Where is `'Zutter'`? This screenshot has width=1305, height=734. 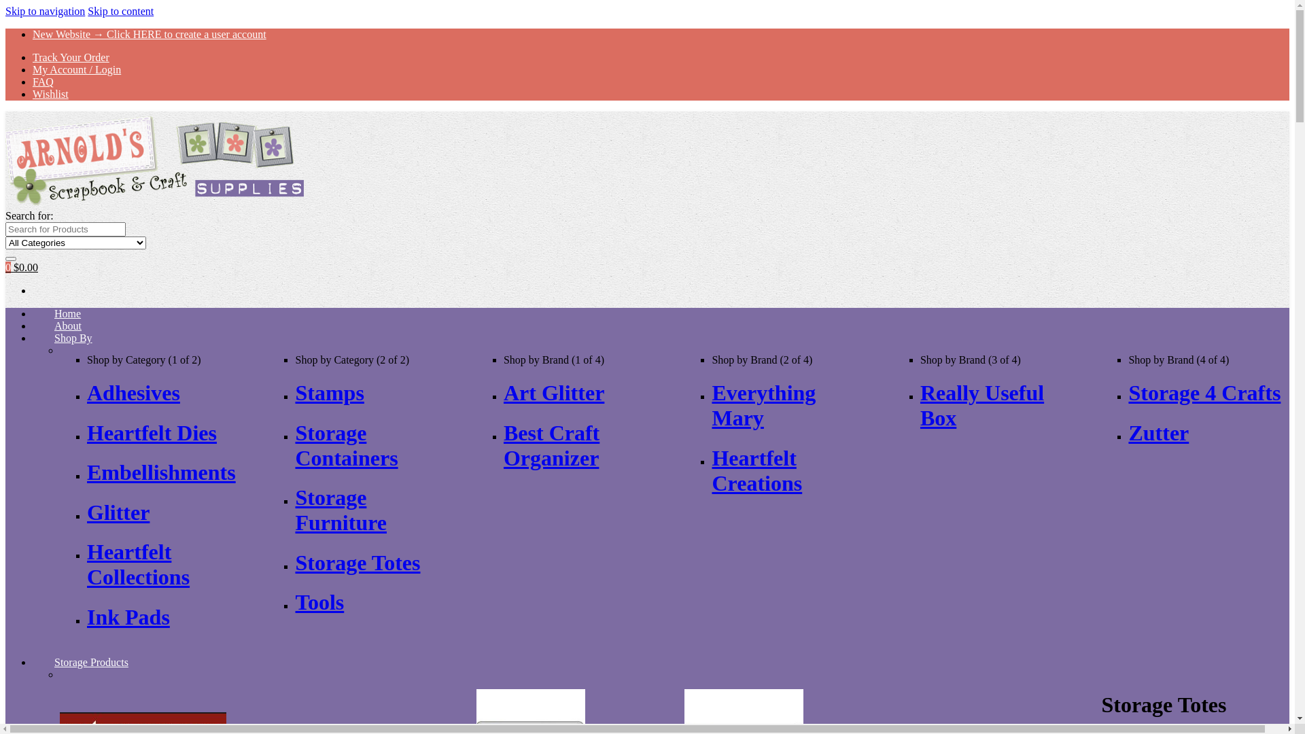
'Zutter' is located at coordinates (1158, 432).